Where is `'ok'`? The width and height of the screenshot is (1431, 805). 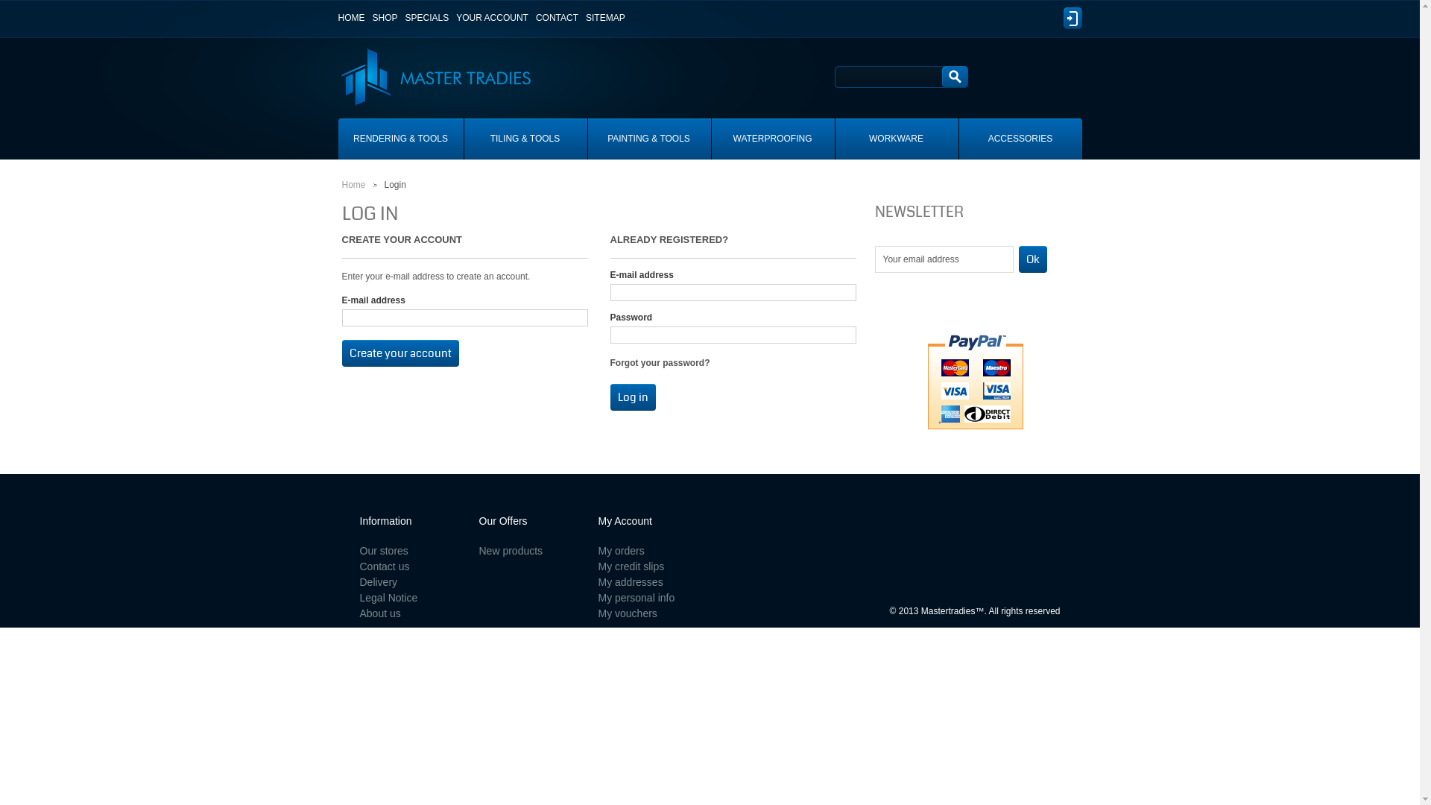
'ok' is located at coordinates (1032, 258).